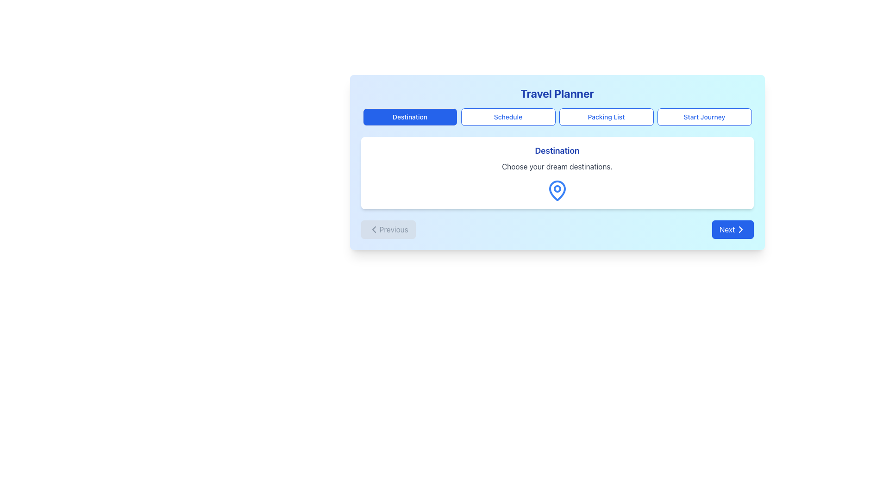 This screenshot has width=889, height=500. Describe the element at coordinates (606, 117) in the screenshot. I see `the 'Packing List' button in the Travel Planner interface to interact with potential hover effects` at that location.